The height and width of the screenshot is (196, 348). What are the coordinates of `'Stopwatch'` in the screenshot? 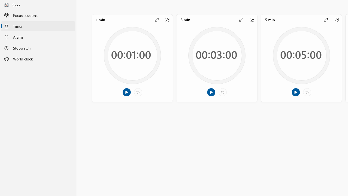 It's located at (38, 47).